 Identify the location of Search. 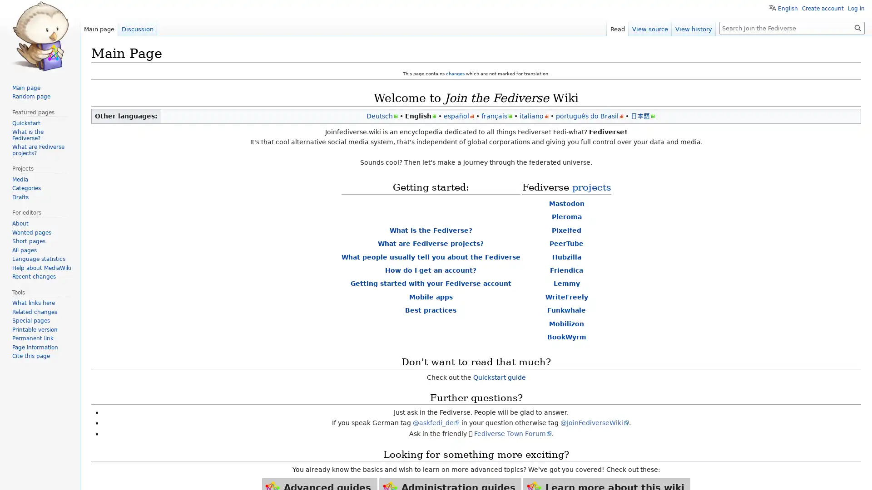
(857, 27).